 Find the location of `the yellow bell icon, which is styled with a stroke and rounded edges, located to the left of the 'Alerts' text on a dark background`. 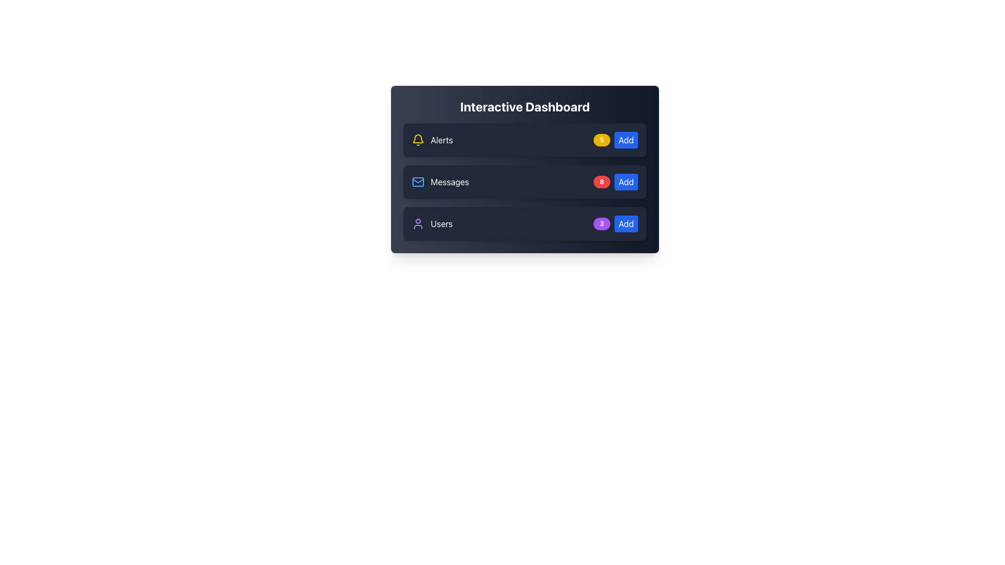

the yellow bell icon, which is styled with a stroke and rounded edges, located to the left of the 'Alerts' text on a dark background is located at coordinates (417, 139).